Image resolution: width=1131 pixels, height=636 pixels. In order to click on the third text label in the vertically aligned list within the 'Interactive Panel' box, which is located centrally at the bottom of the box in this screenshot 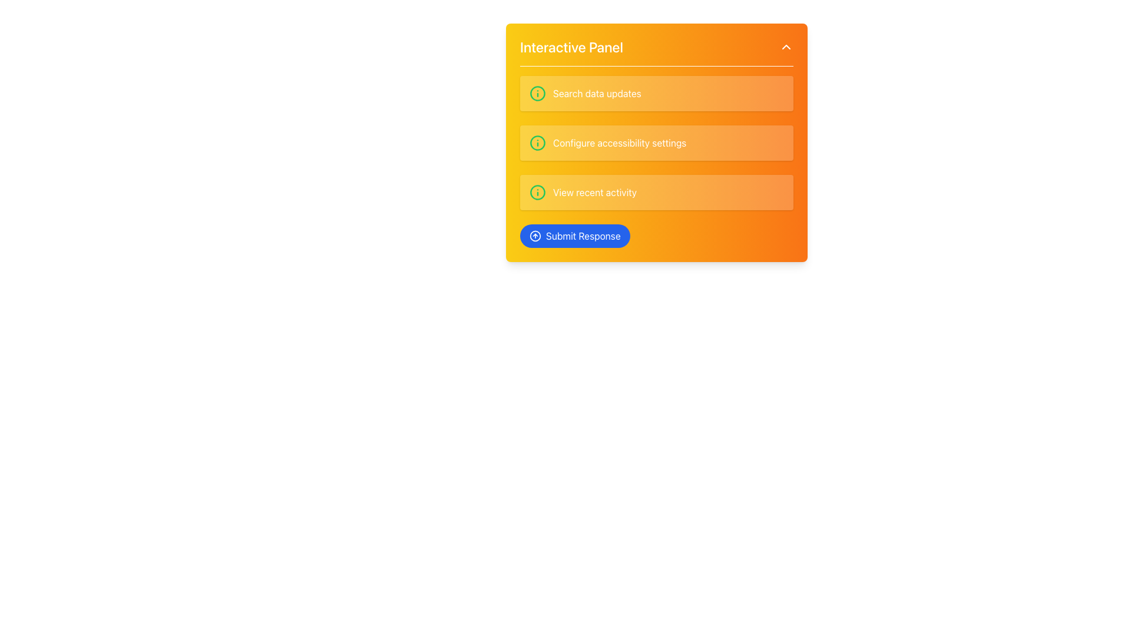, I will do `click(595, 192)`.